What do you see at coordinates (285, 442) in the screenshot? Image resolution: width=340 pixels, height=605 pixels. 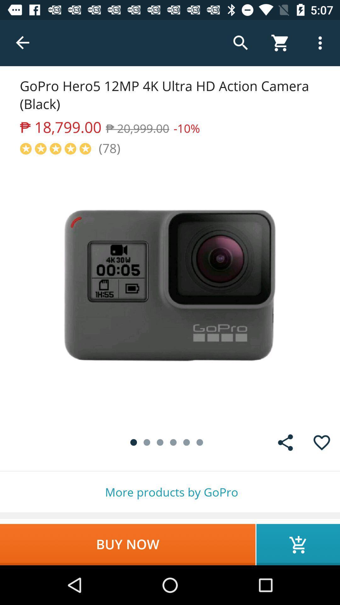 I see `the share icon` at bounding box center [285, 442].